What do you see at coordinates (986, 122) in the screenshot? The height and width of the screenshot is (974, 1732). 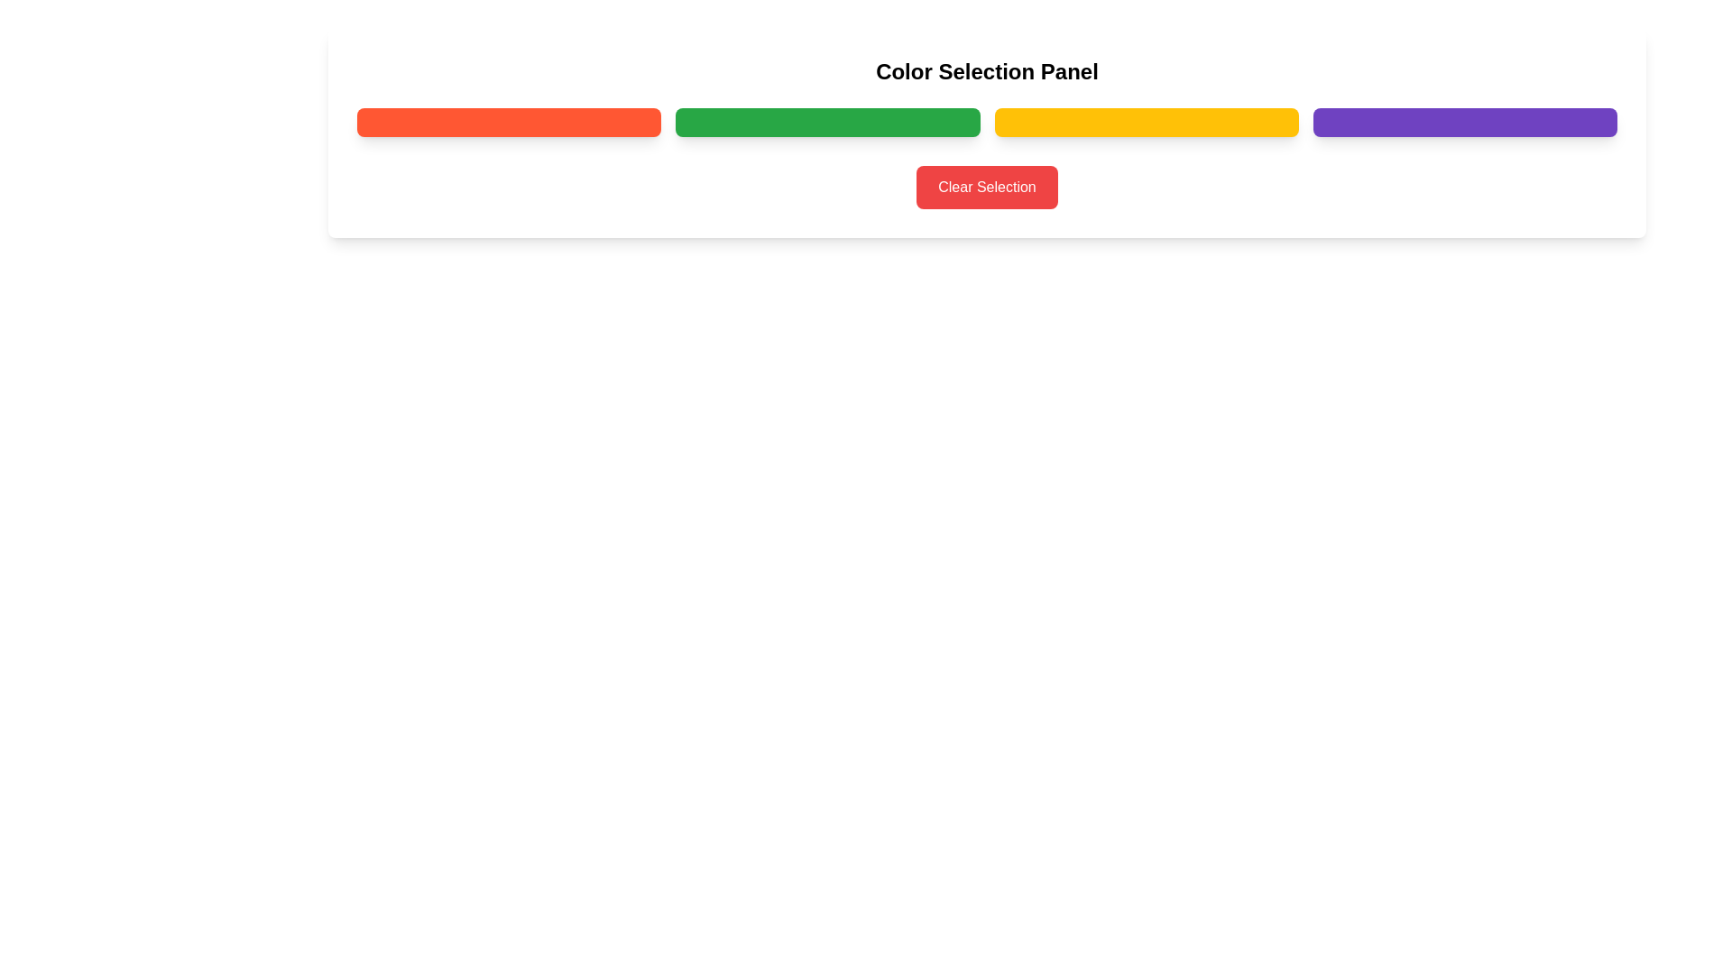 I see `the Grid Layout located below the 'Color Selection Panel' heading and above the 'Clear Selection' button` at bounding box center [986, 122].